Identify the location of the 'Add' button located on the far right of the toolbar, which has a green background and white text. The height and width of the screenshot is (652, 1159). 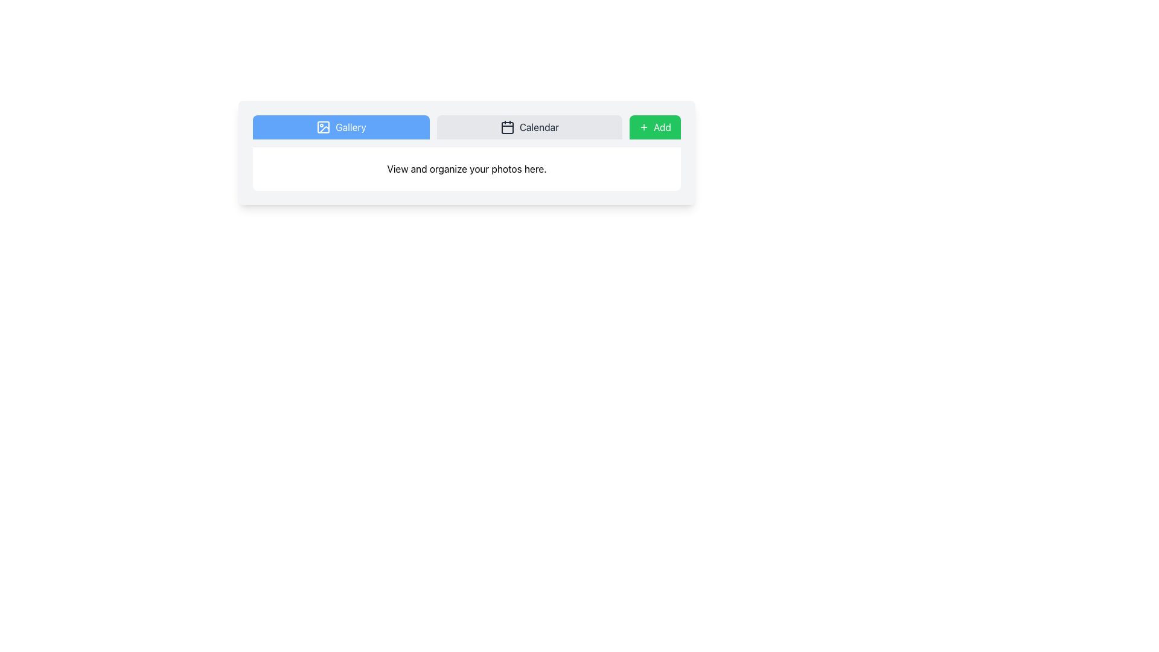
(654, 127).